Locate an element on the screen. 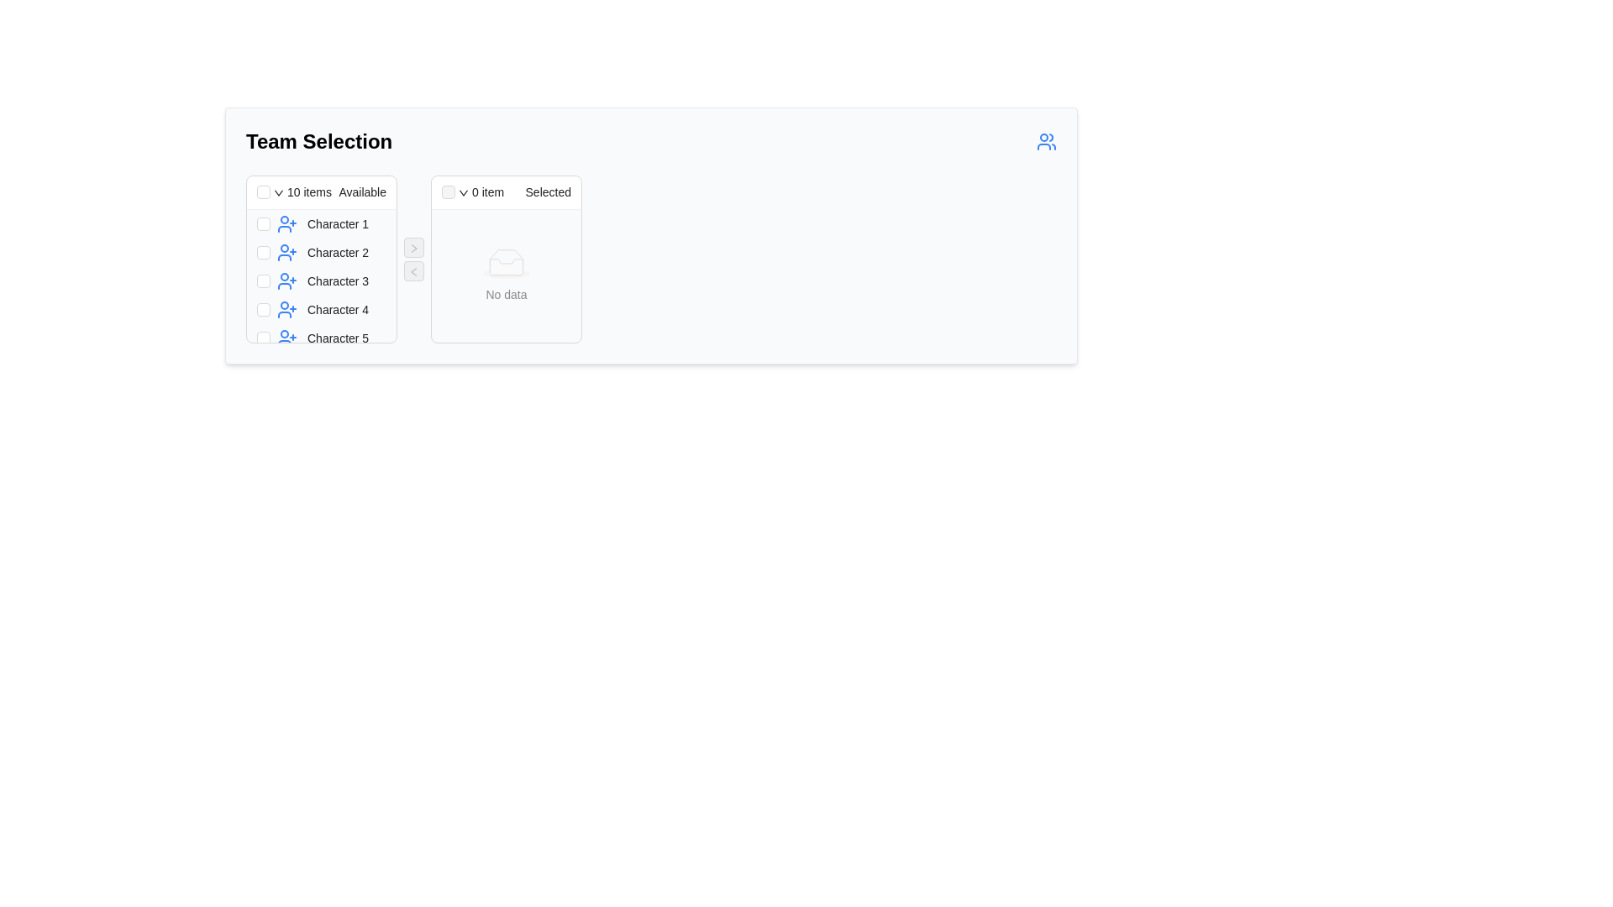 The height and width of the screenshot is (907, 1613). the left-pointing arrow icon, which is centrally positioned between two panels in the user interface is located at coordinates (413, 270).